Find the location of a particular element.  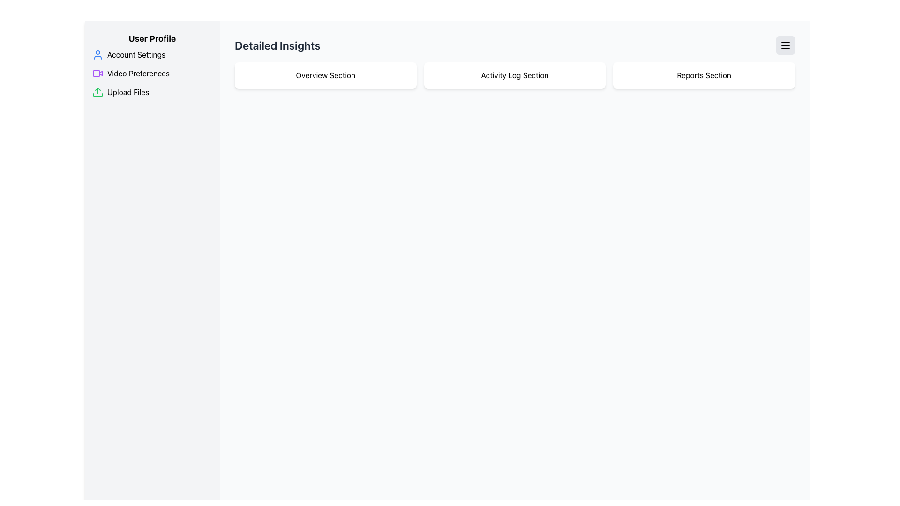

the 'Video Preferences' menu item, which is a text label accompanied by a purple video camera icon, located in the User Profile section is located at coordinates (152, 73).